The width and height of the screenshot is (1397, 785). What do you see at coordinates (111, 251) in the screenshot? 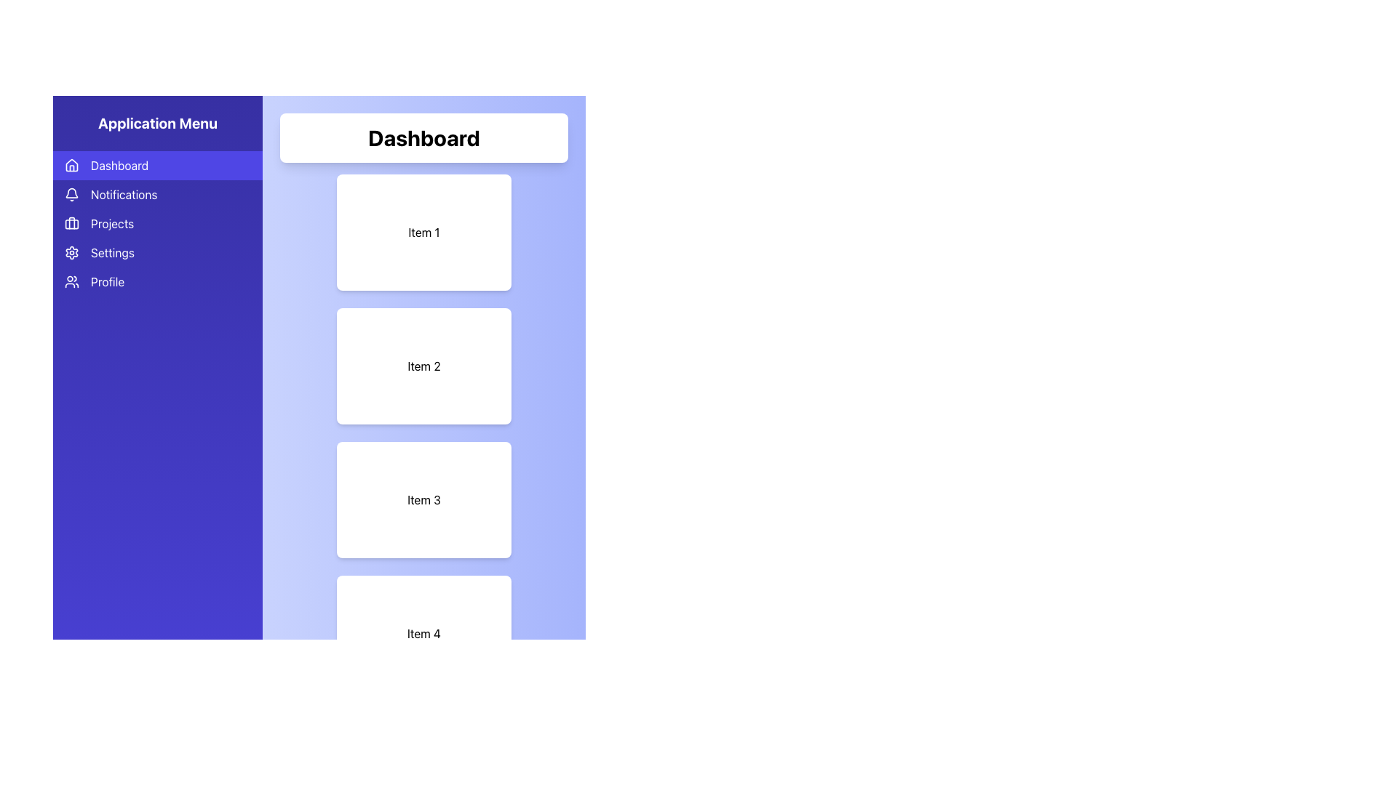
I see `the 'Settings' label in the sidebar` at bounding box center [111, 251].